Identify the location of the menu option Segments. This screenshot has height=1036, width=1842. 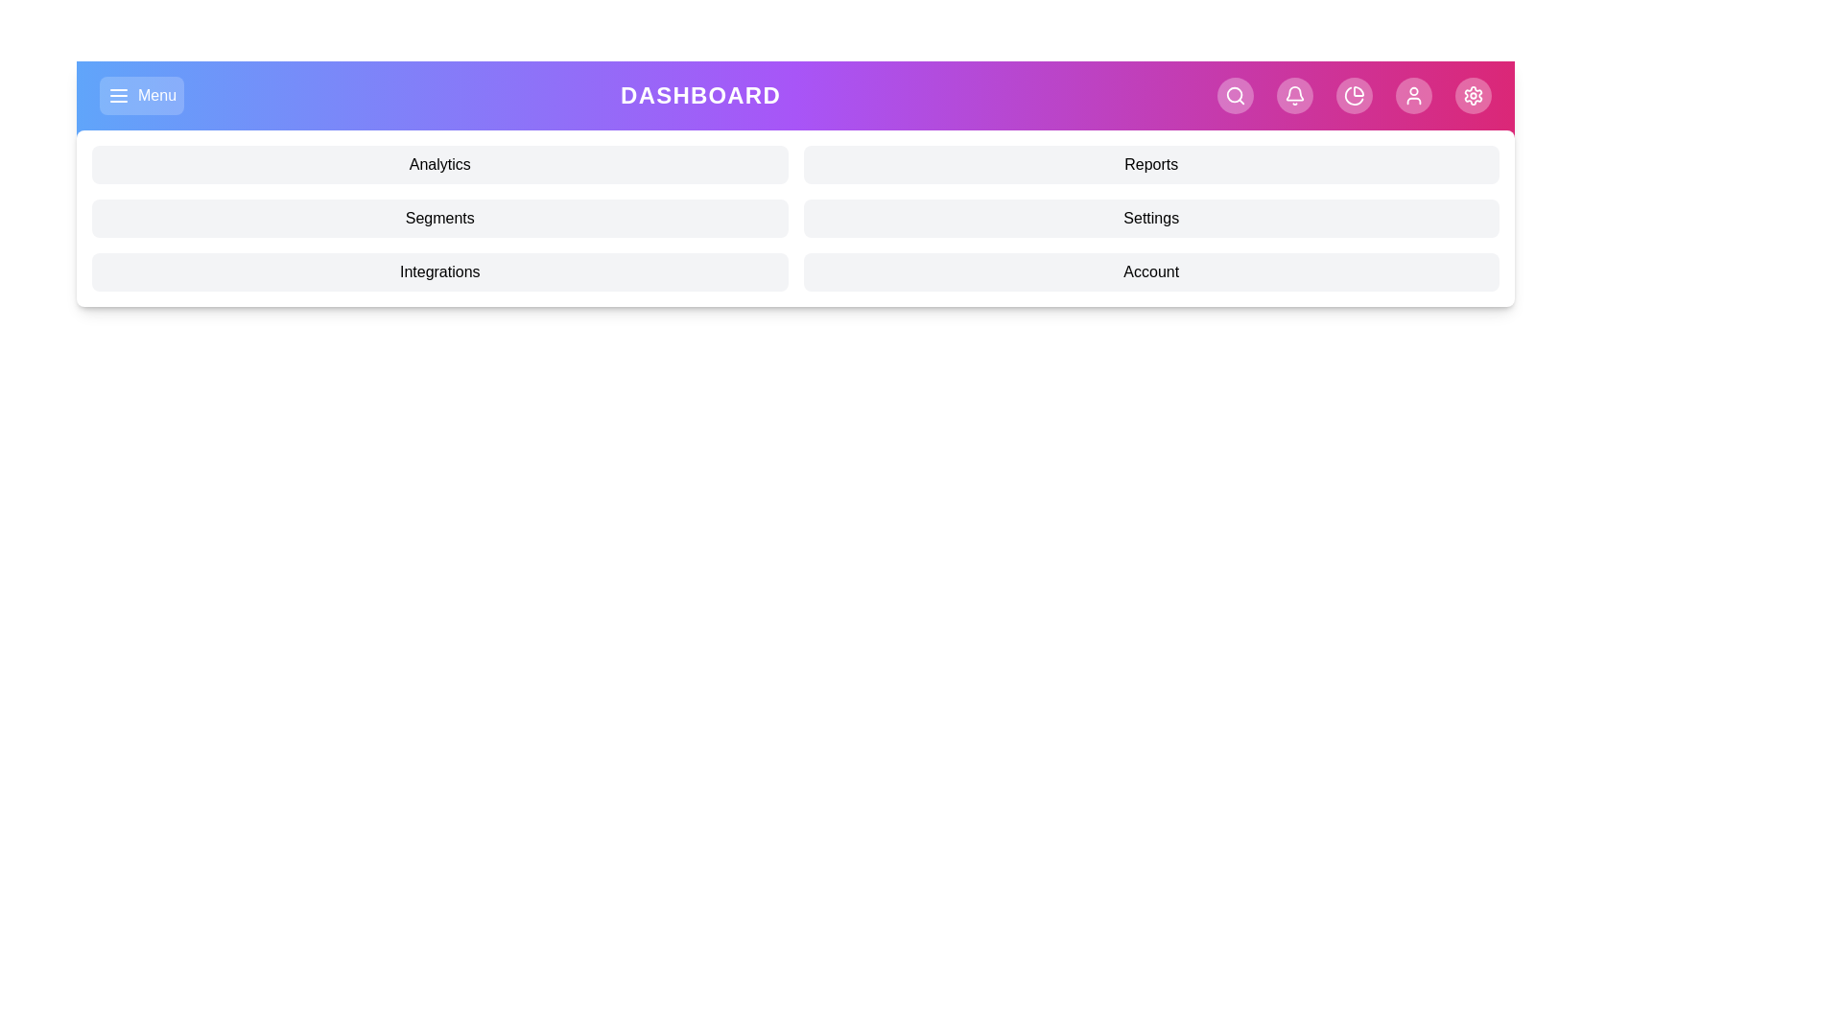
(438, 217).